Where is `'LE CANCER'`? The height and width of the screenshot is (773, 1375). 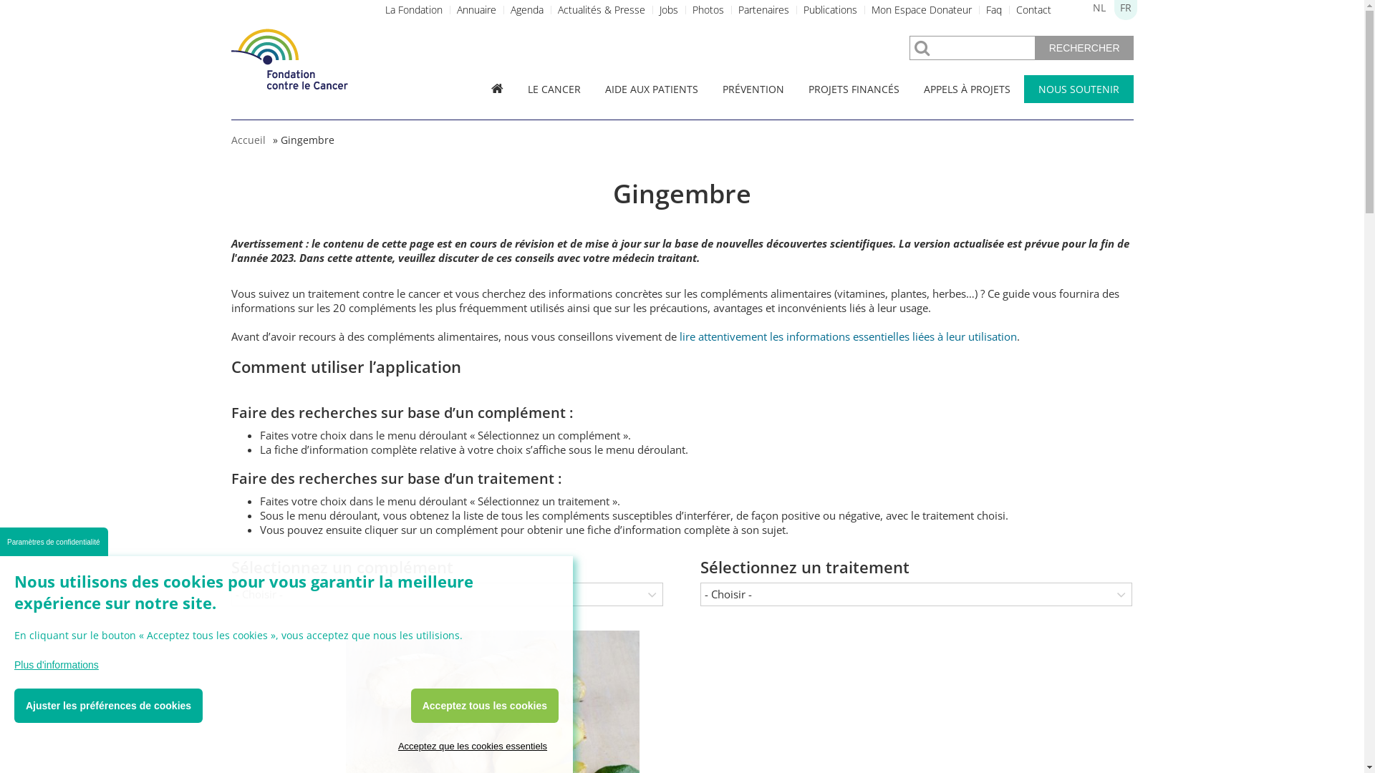
'LE CANCER' is located at coordinates (552, 89).